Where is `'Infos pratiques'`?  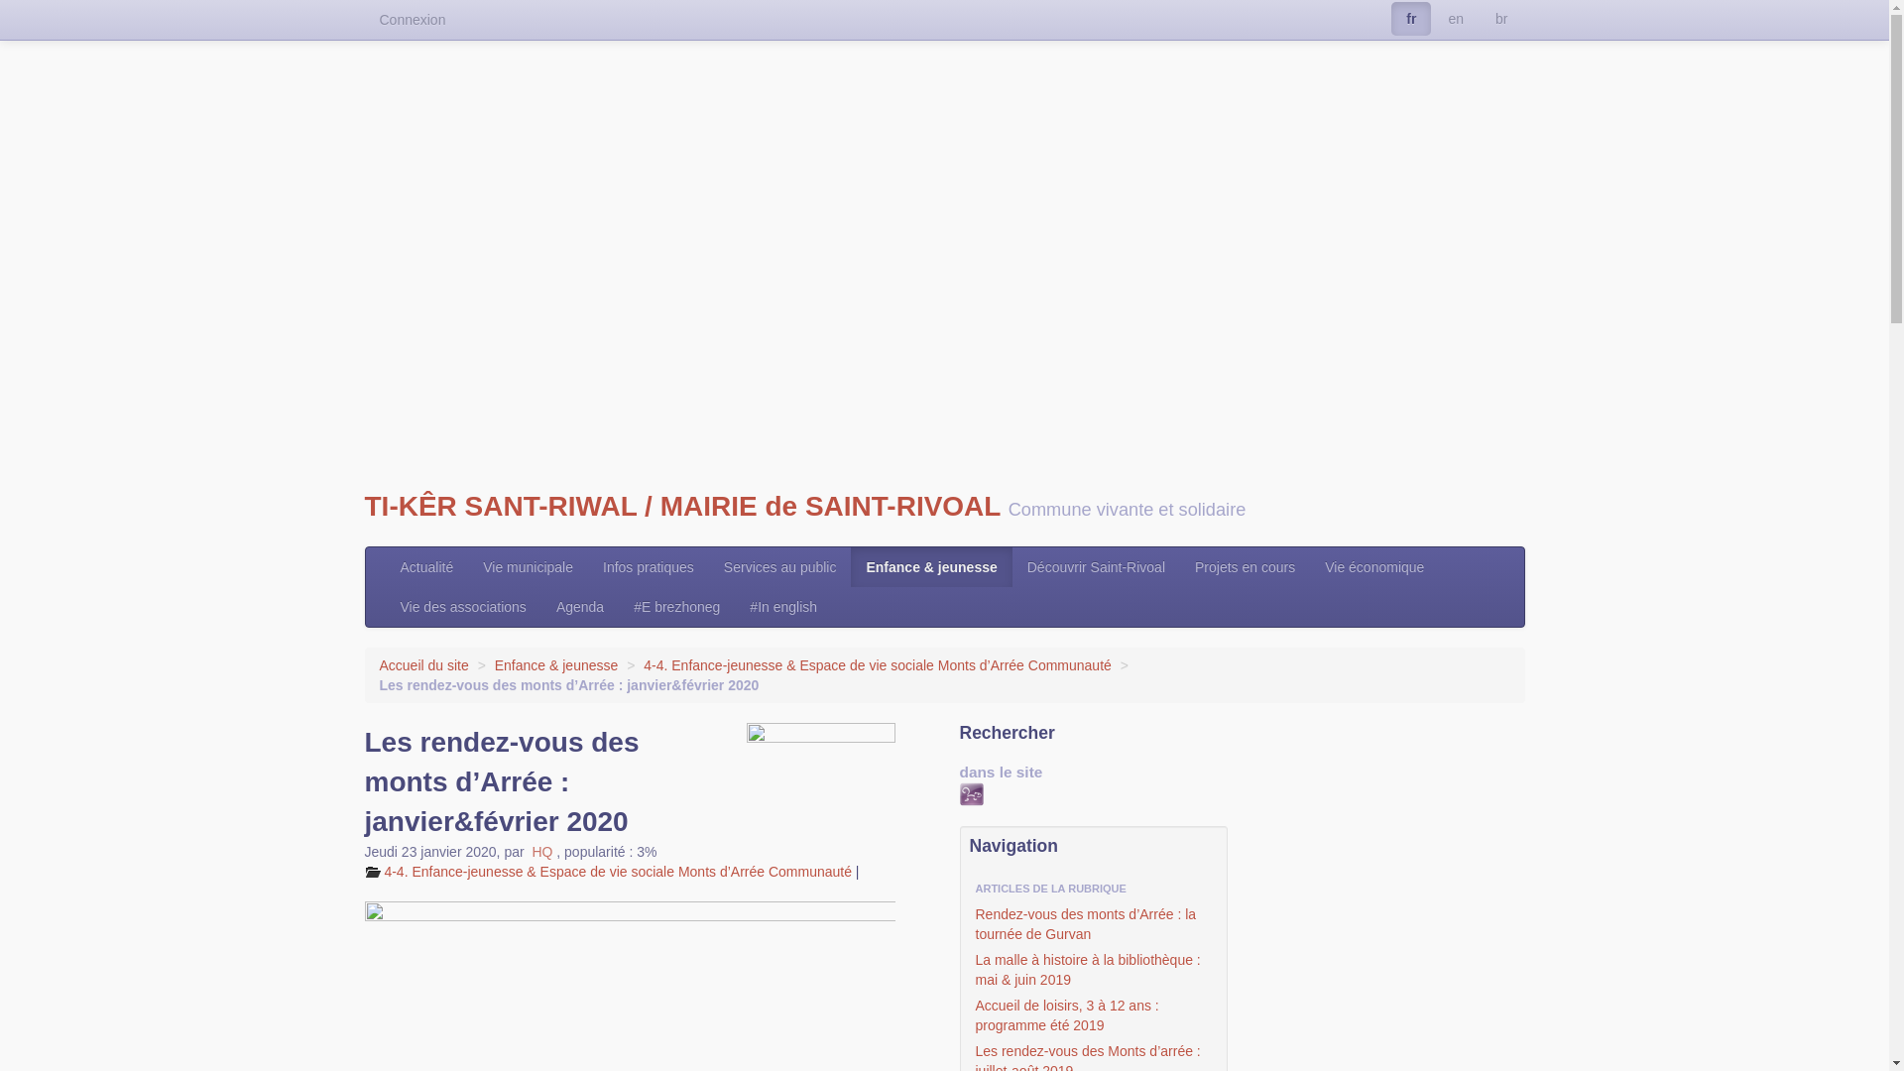
'Infos pratiques' is located at coordinates (587, 566).